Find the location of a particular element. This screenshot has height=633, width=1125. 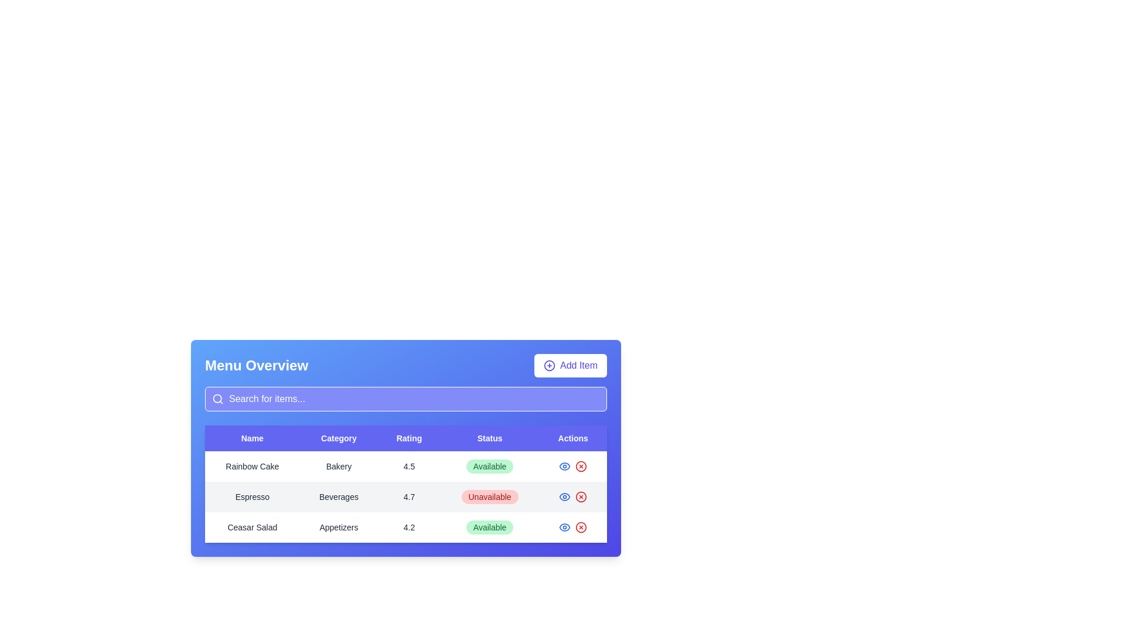

the 'Available' status label, which has a rounded appearance, a green background, and dark green text, positioned under the 'Status' column for the 'Rainbow Cake' entry is located at coordinates (490, 465).